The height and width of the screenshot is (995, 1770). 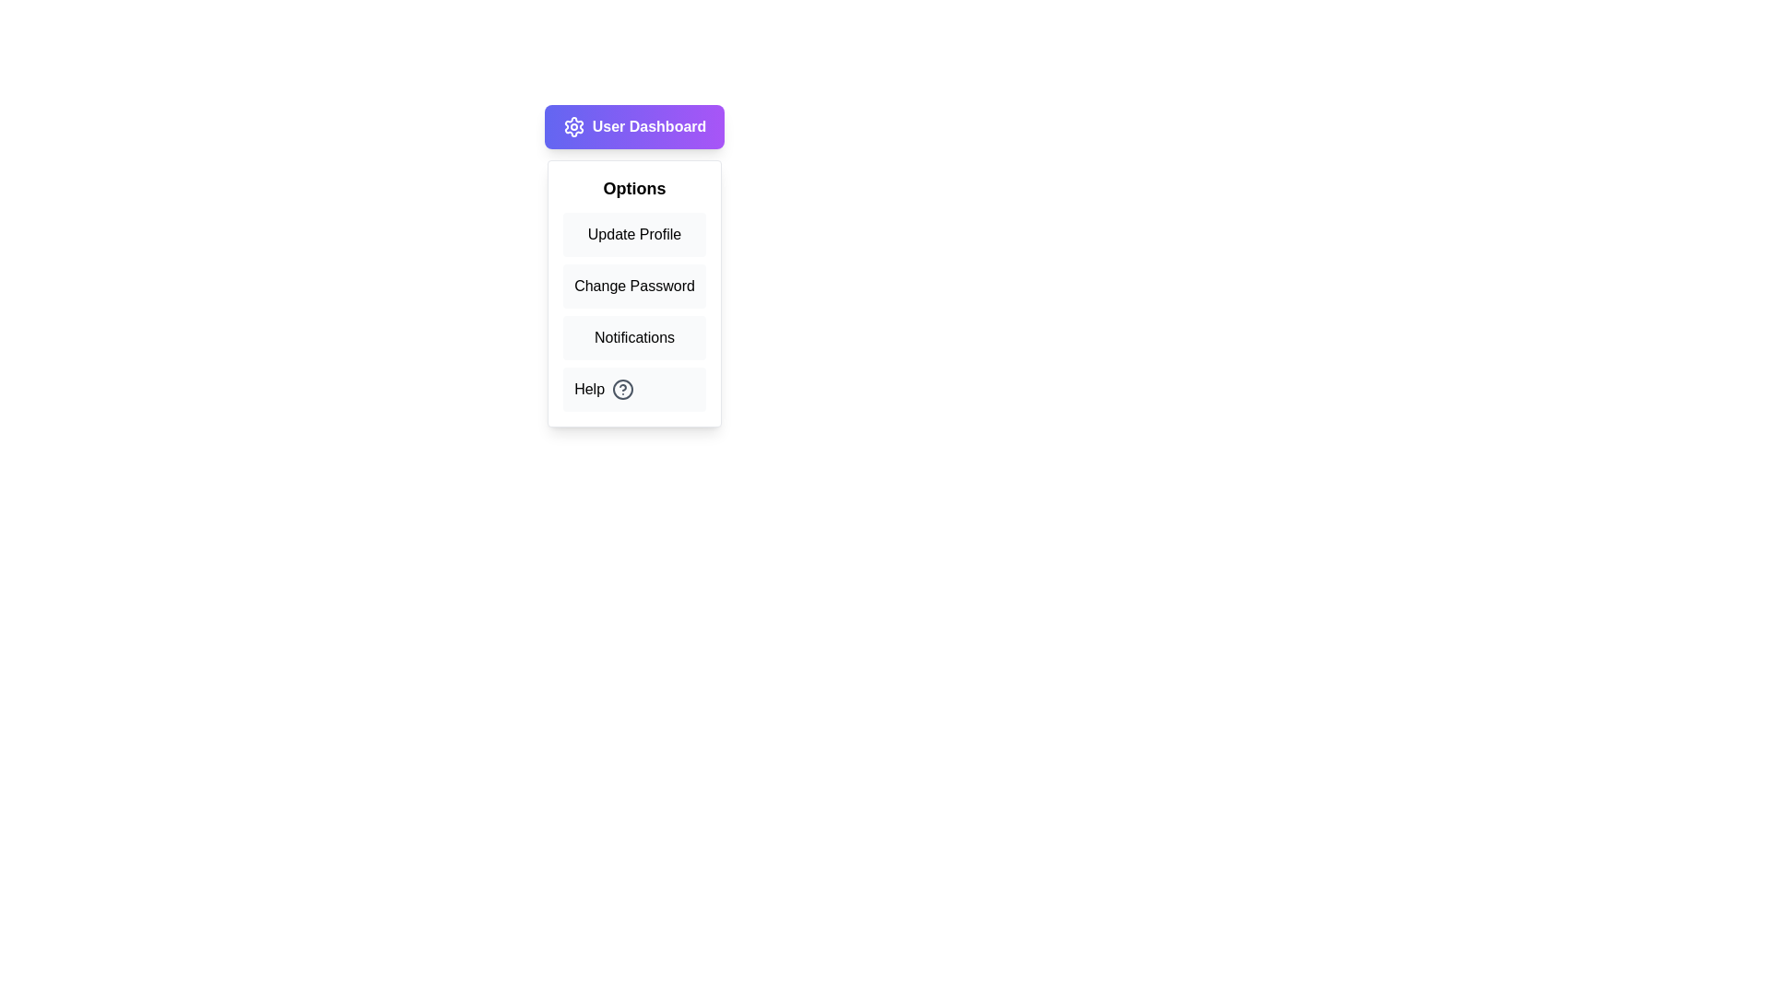 I want to click on the text element Notifications to select its text, so click(x=634, y=337).